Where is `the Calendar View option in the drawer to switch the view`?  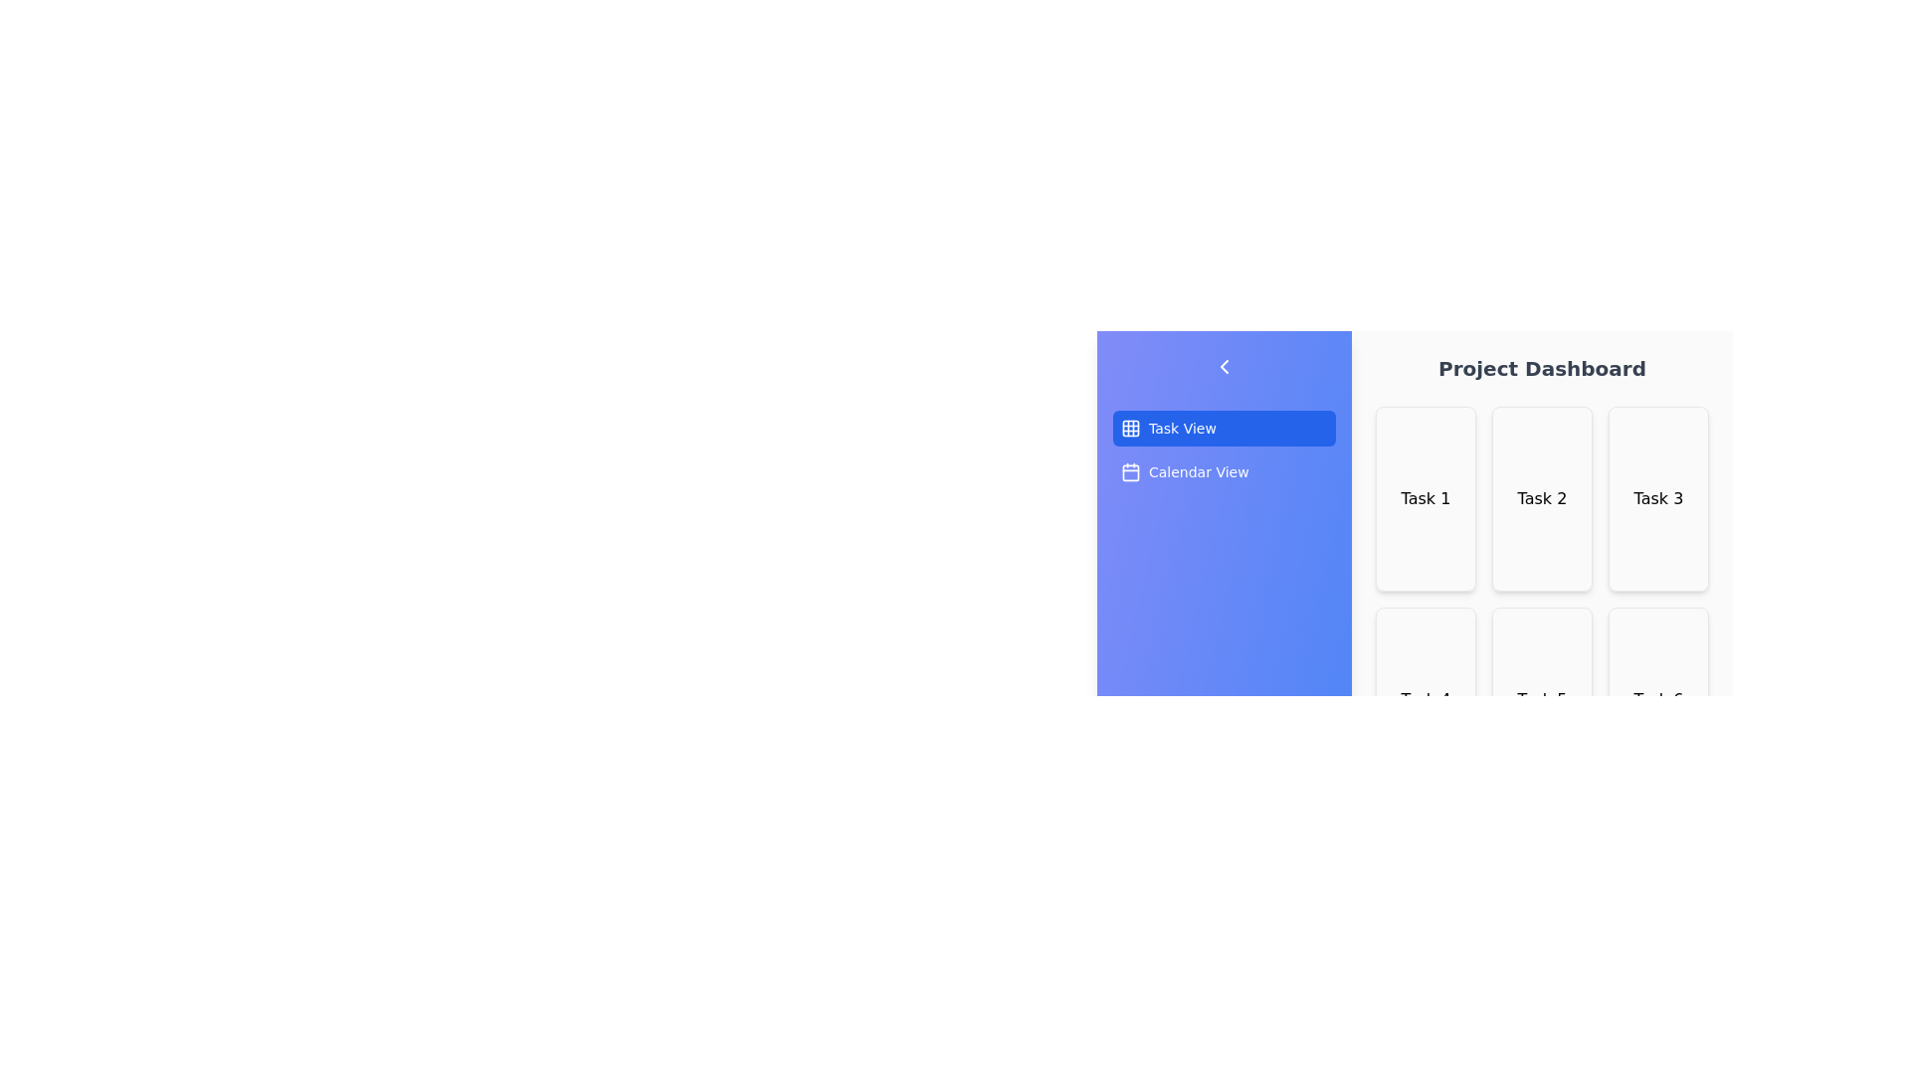
the Calendar View option in the drawer to switch the view is located at coordinates (1223, 471).